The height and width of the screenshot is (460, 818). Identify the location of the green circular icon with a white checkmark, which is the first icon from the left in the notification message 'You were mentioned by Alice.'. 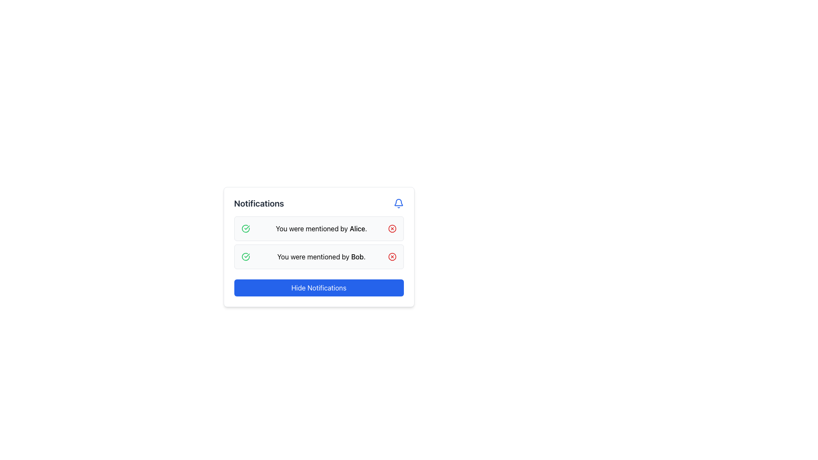
(245, 228).